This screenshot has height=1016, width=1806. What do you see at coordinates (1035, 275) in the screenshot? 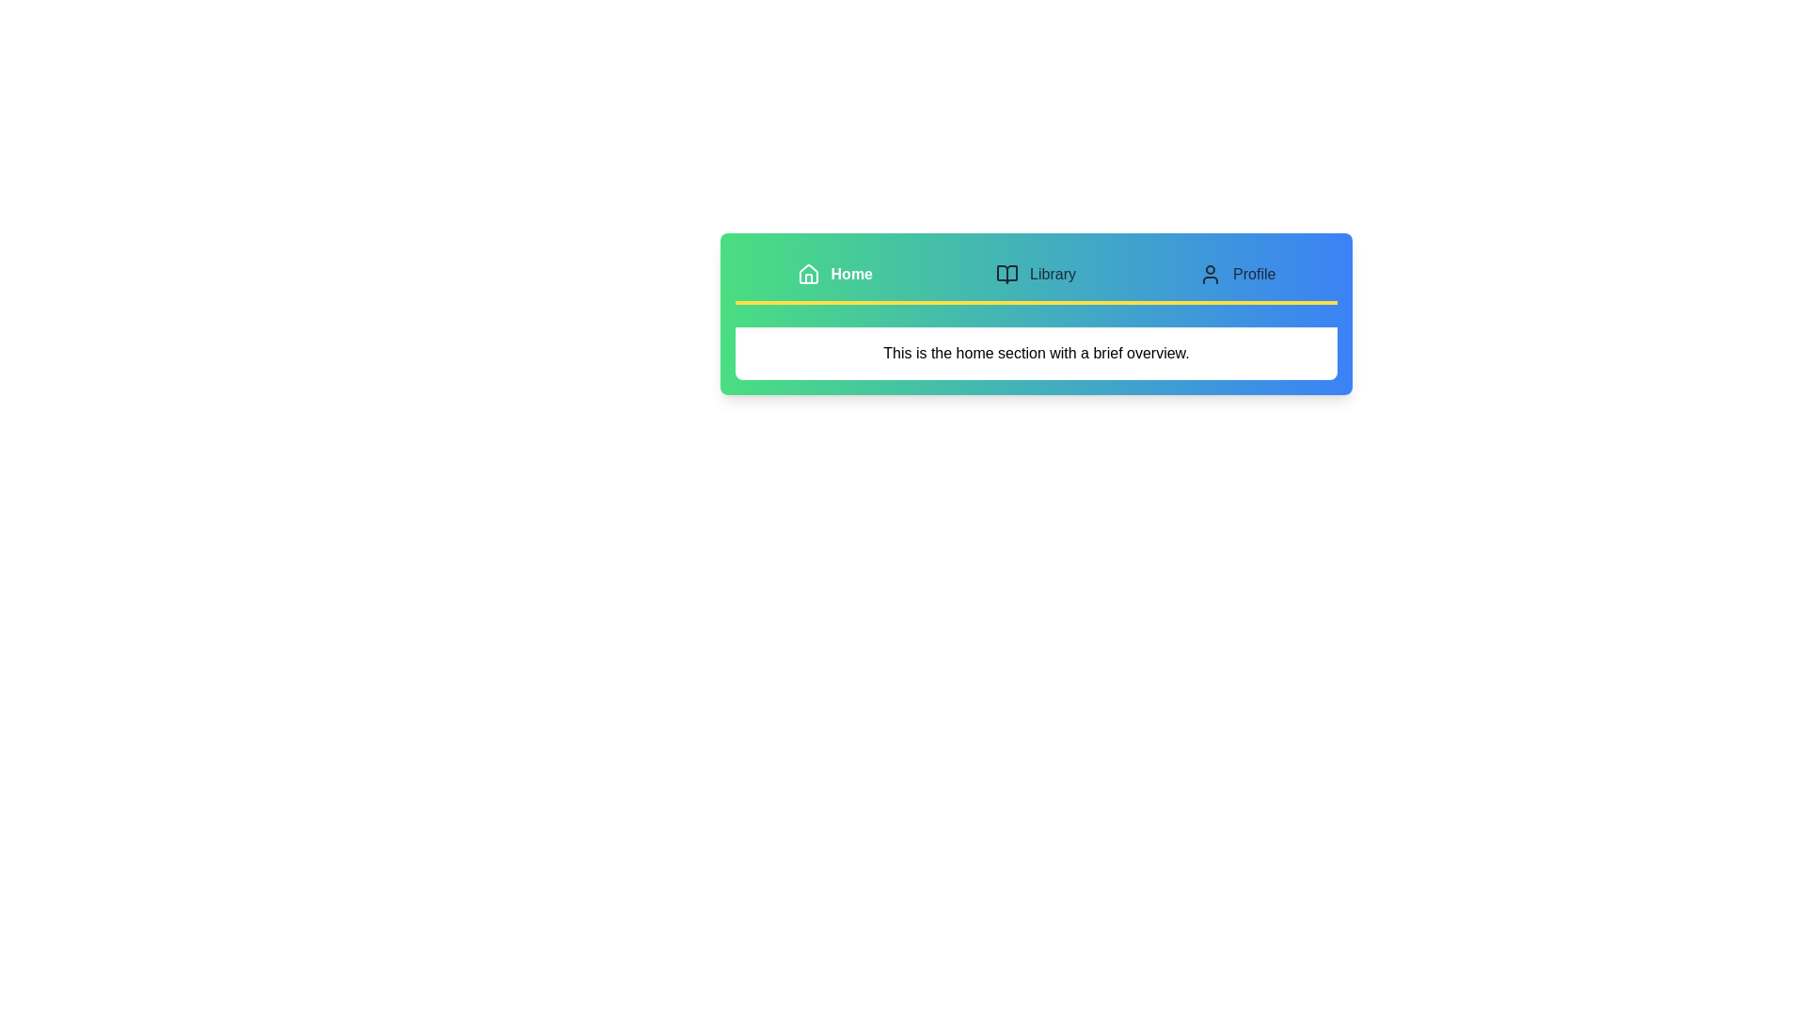
I see `the Library tab to view its content` at bounding box center [1035, 275].